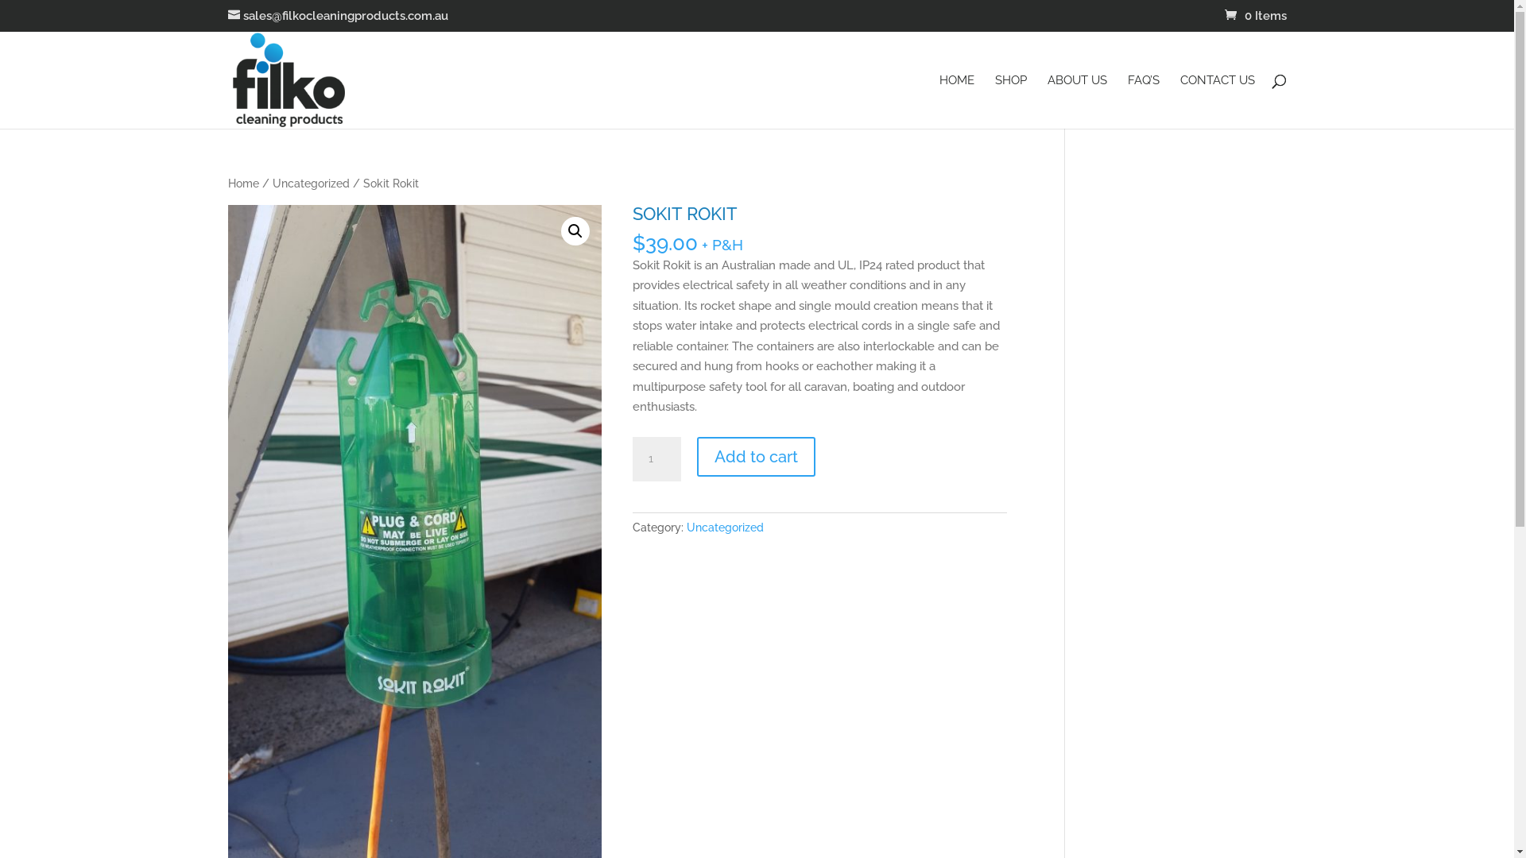 This screenshot has width=1526, height=858. Describe the element at coordinates (1254, 15) in the screenshot. I see `'0 Items'` at that location.